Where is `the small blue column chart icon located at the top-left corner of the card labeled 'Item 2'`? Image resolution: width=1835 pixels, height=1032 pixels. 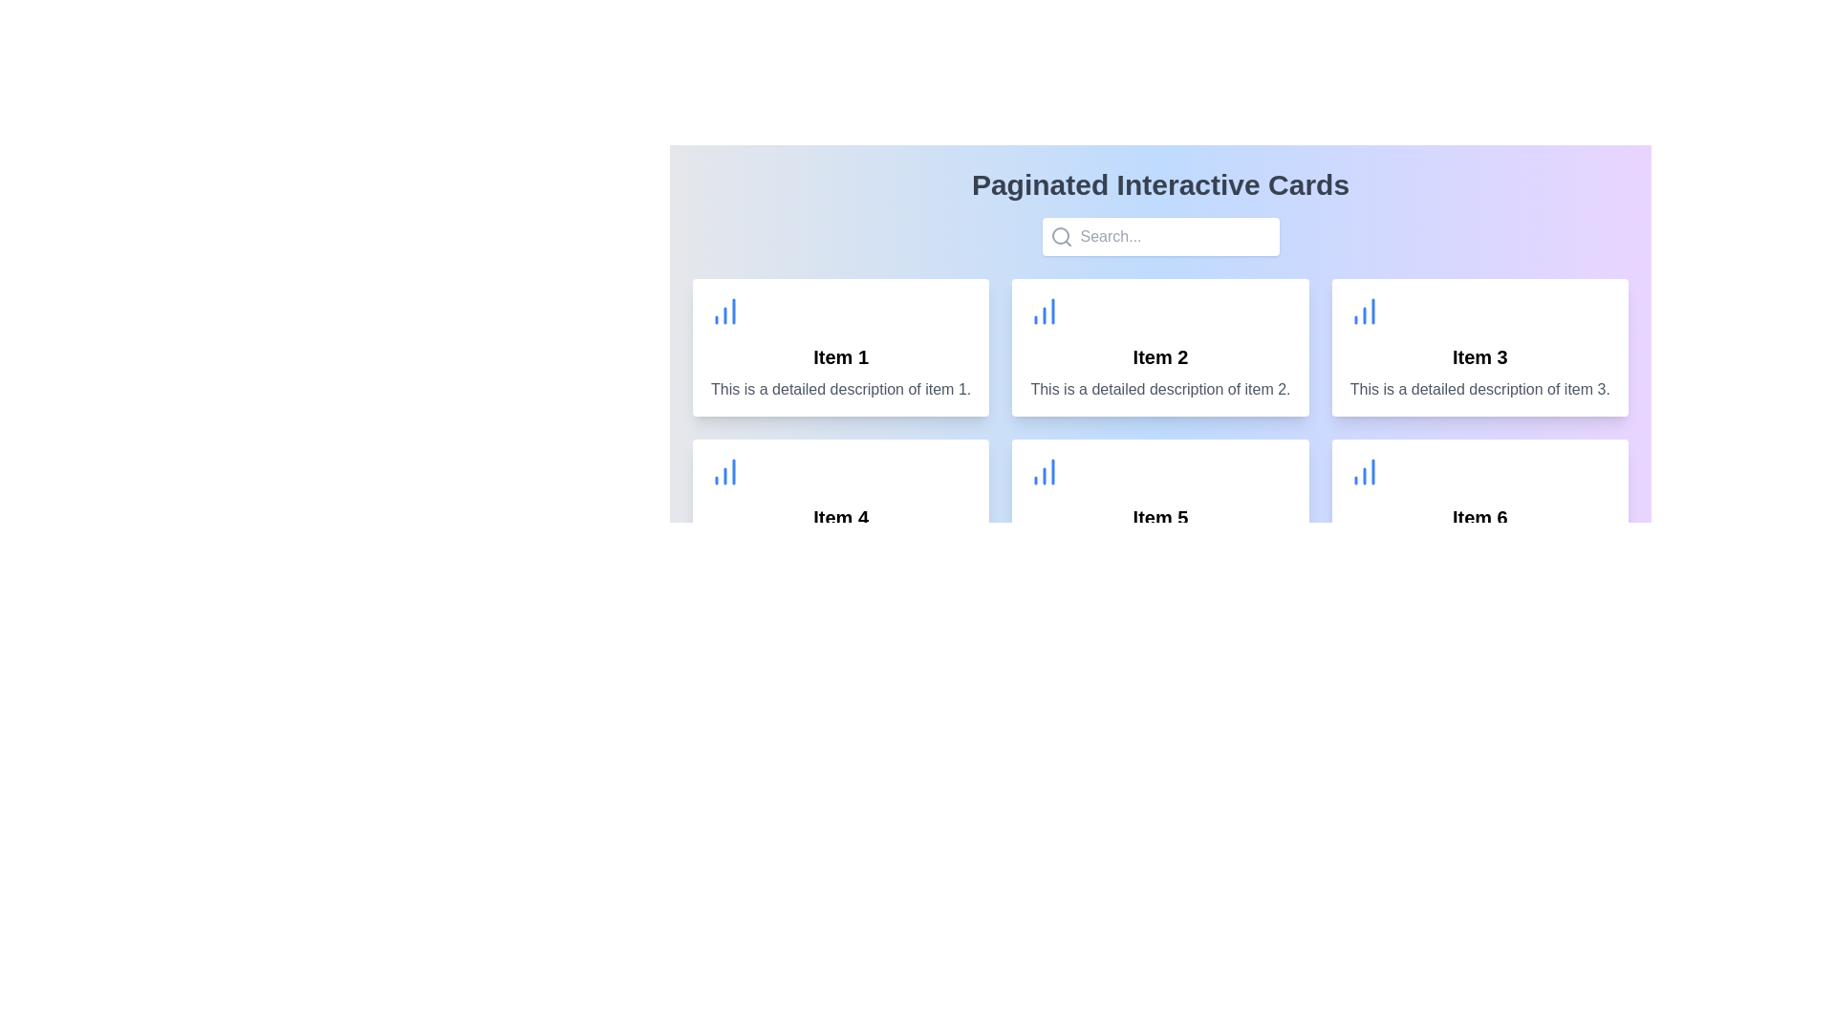 the small blue column chart icon located at the top-left corner of the card labeled 'Item 2' is located at coordinates (1044, 311).